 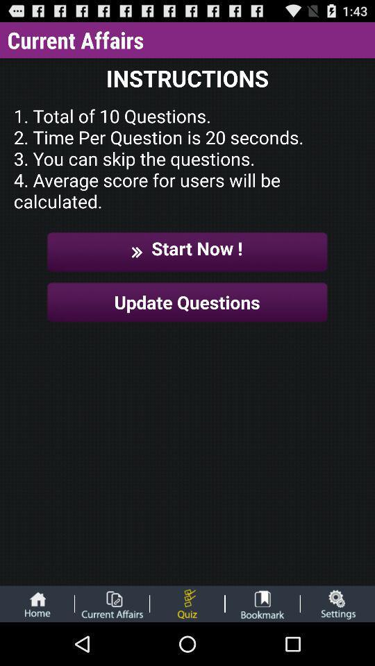 I want to click on home, so click(x=37, y=603).